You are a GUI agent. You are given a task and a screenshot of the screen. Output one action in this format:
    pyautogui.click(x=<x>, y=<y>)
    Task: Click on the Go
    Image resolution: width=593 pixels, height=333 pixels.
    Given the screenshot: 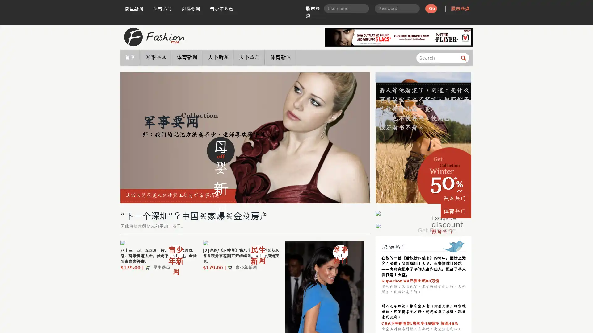 What is the action you would take?
    pyautogui.click(x=431, y=8)
    